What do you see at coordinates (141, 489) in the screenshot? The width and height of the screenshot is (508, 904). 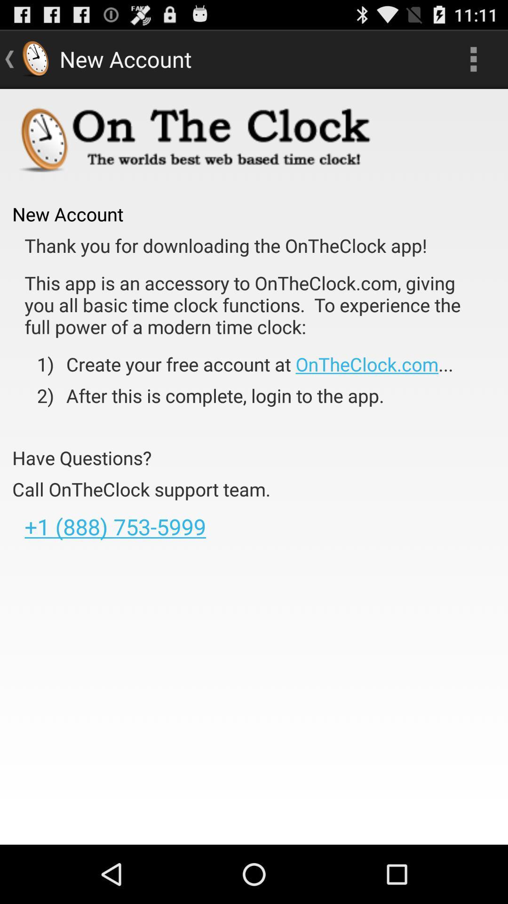 I see `icon above the 1 888 753 app` at bounding box center [141, 489].